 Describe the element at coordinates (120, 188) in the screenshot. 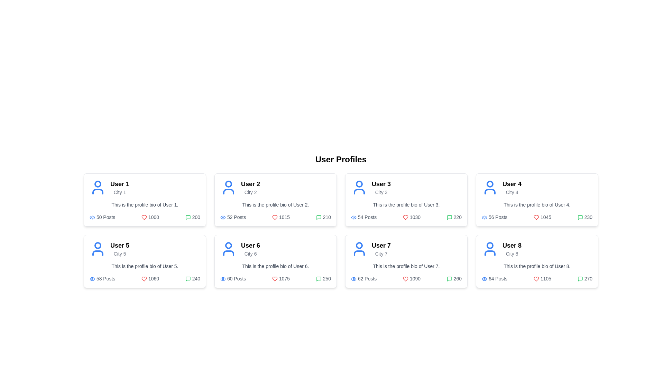

I see `the Text display element showing 'User 1' and 'City 1' located in the profile card of 'User 1', which is the first card in the top row` at that location.